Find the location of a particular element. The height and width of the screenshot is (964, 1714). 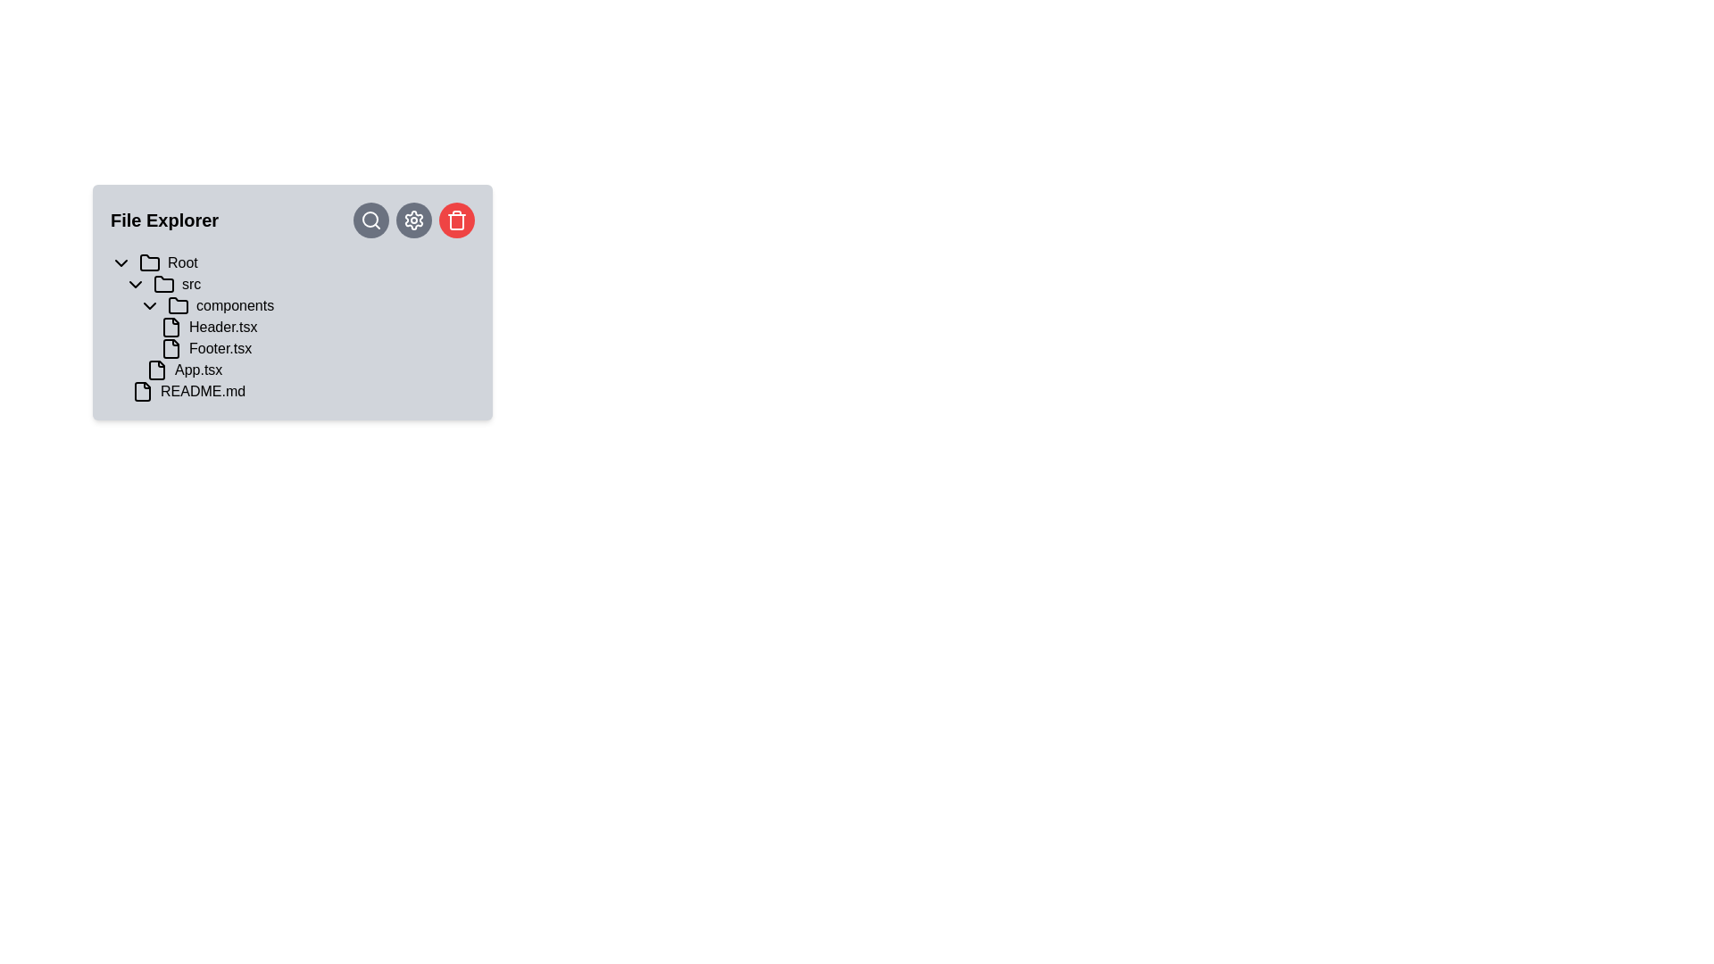

the document-shaped icon representing the 'Footer.tsx' file is located at coordinates (171, 348).